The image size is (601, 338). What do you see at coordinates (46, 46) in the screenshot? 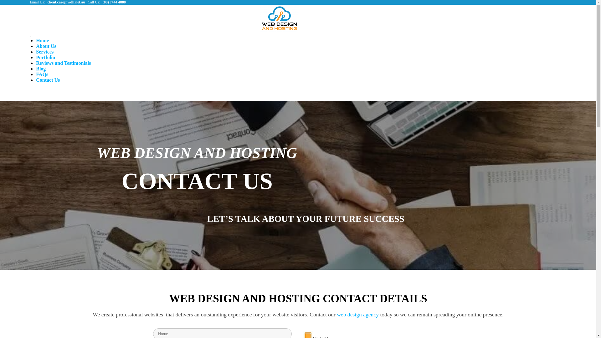
I see `'About Us'` at bounding box center [46, 46].